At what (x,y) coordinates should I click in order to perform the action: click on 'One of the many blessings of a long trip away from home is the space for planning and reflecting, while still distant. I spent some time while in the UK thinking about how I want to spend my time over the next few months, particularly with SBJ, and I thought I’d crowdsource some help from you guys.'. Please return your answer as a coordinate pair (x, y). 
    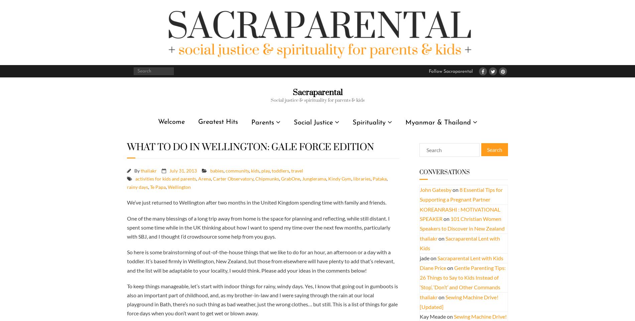
    Looking at the image, I should click on (258, 227).